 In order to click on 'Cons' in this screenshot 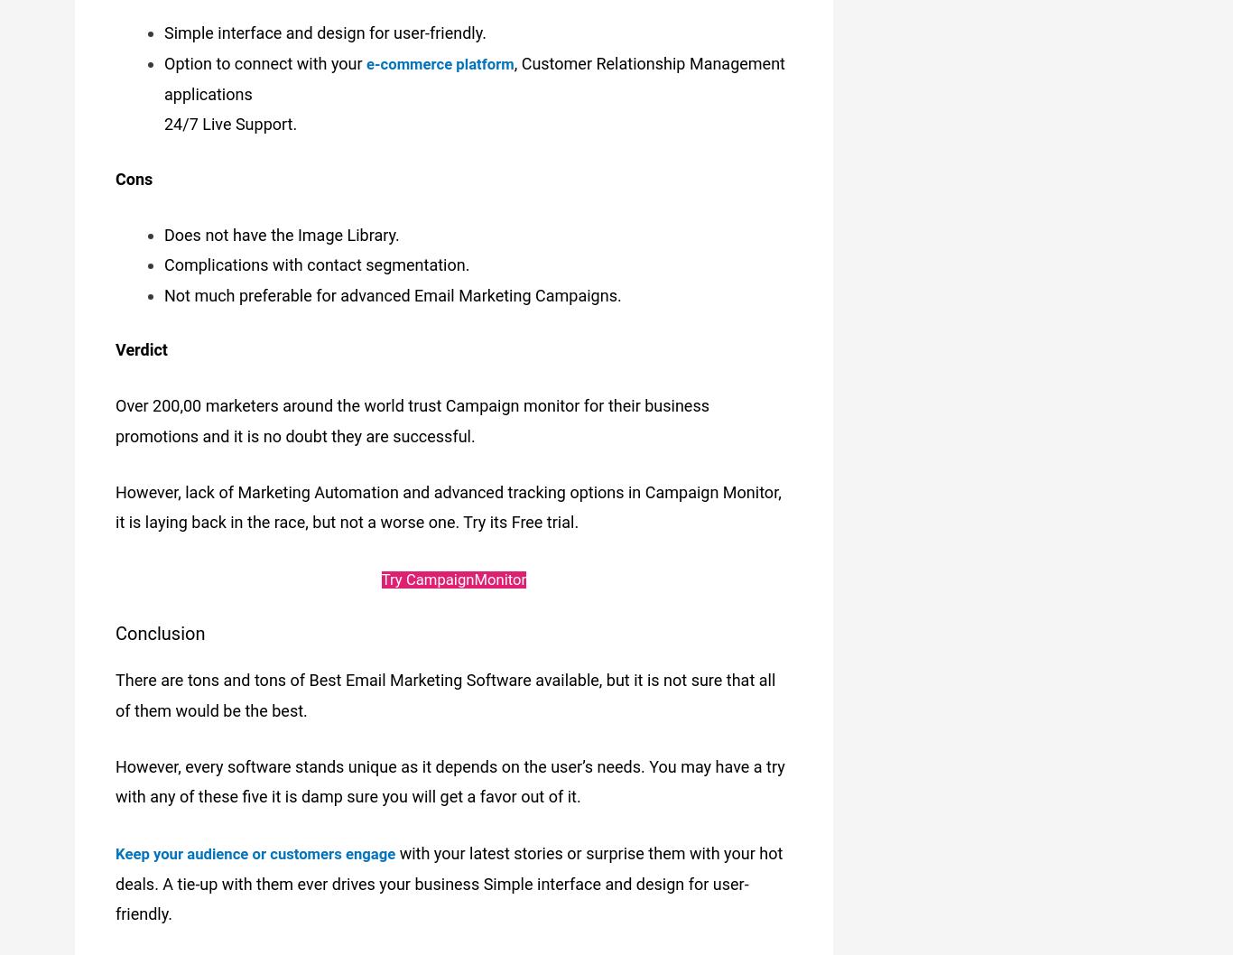, I will do `click(133, 167)`.